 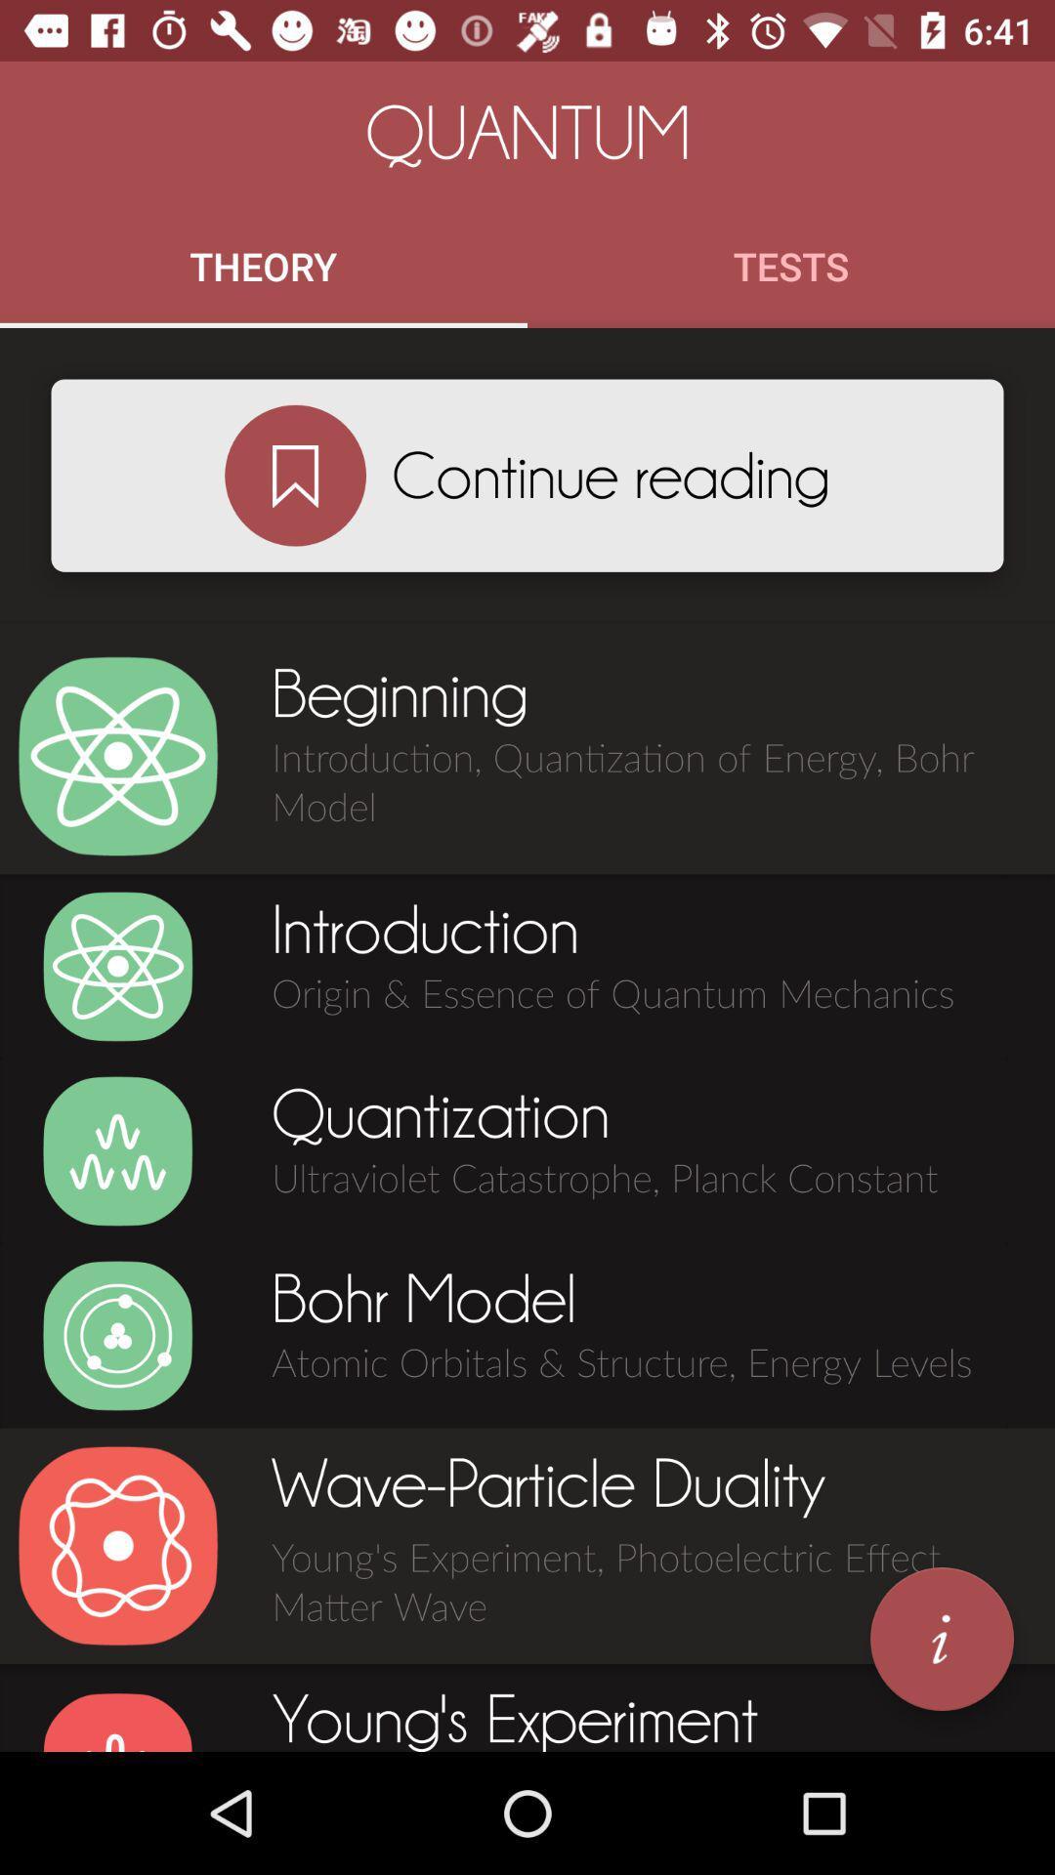 I want to click on the introduction, so click(x=117, y=966).